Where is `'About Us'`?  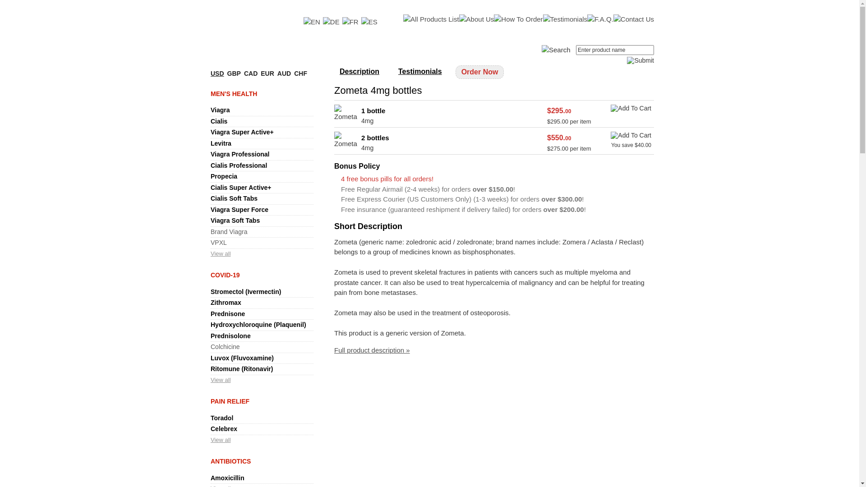 'About Us' is located at coordinates (476, 19).